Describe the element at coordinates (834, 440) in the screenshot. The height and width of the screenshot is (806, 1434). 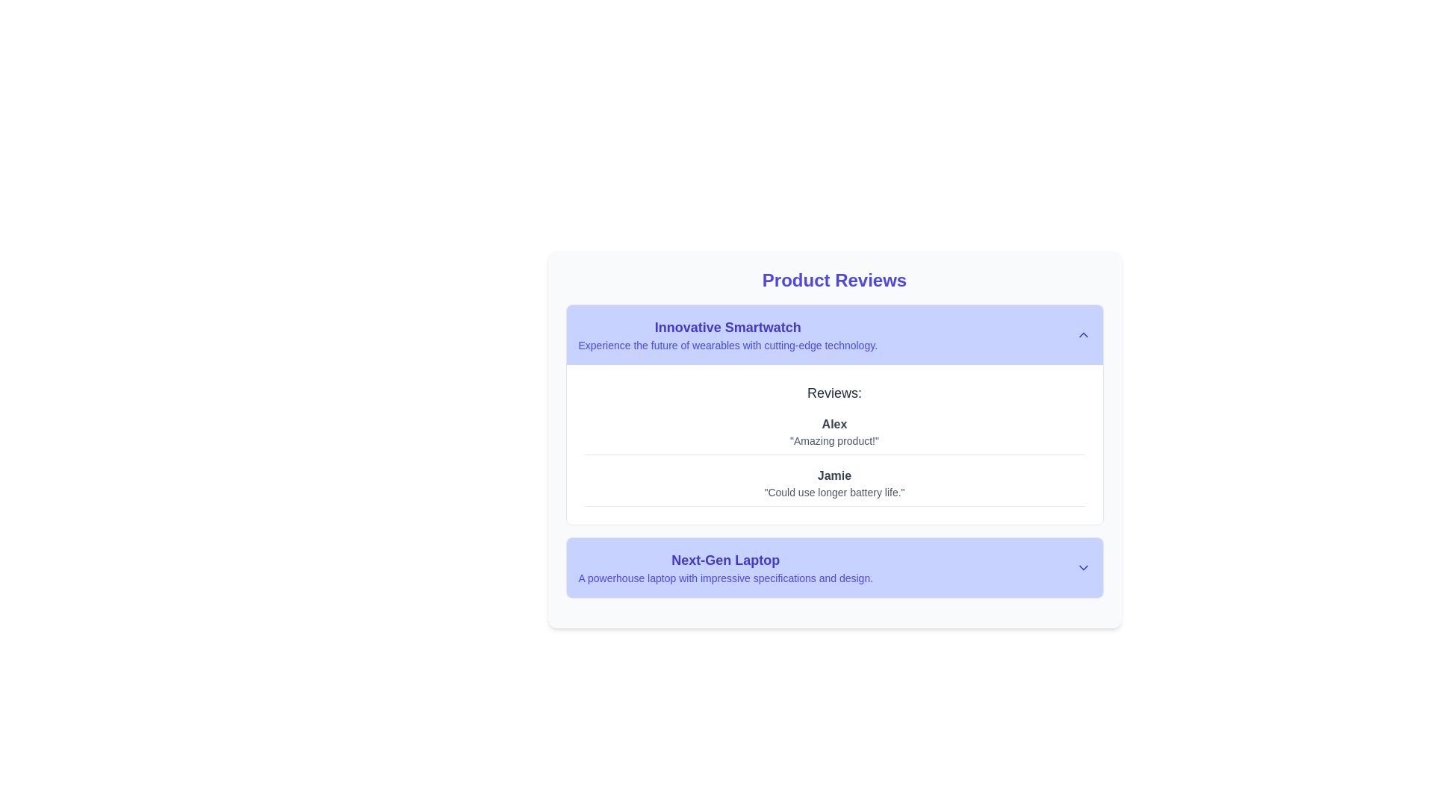
I see `text content of the element that displays 'Amazing product!' located under the name 'Alex' in the review section` at that location.